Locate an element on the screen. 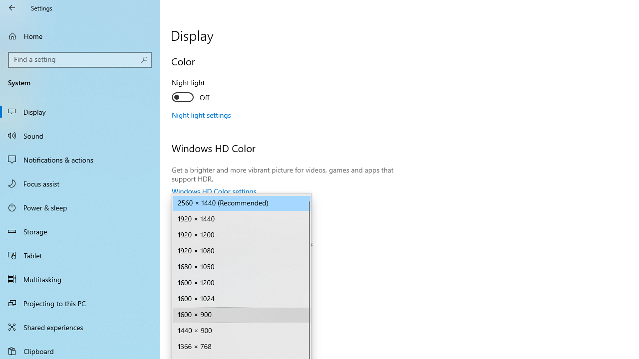  'Storage' is located at coordinates (80, 231).